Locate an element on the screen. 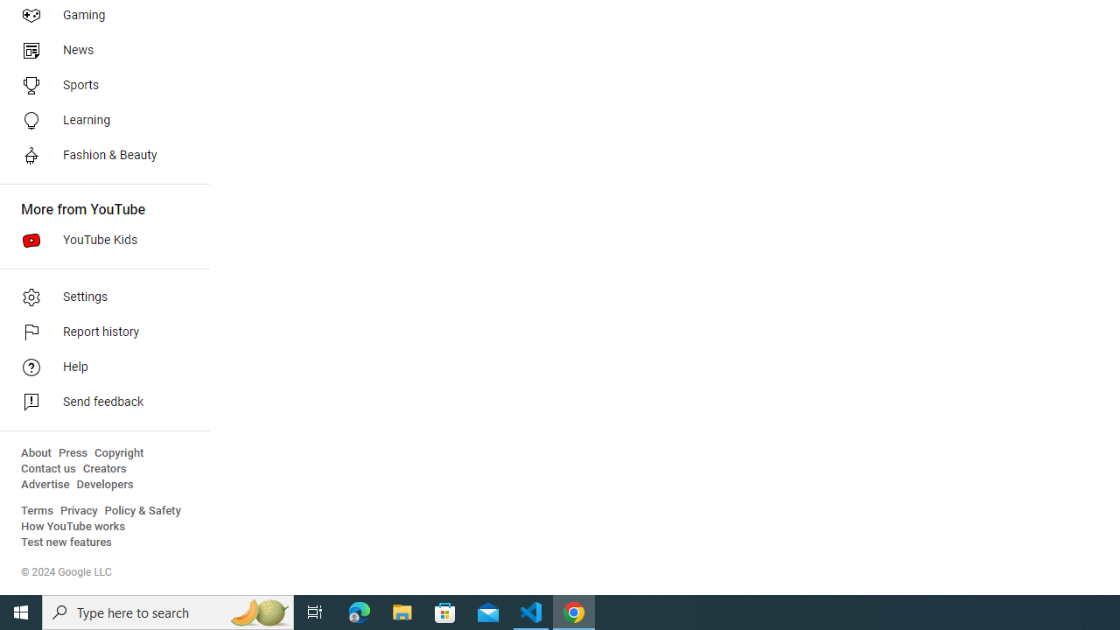 This screenshot has height=630, width=1120. 'Copyright' is located at coordinates (118, 452).